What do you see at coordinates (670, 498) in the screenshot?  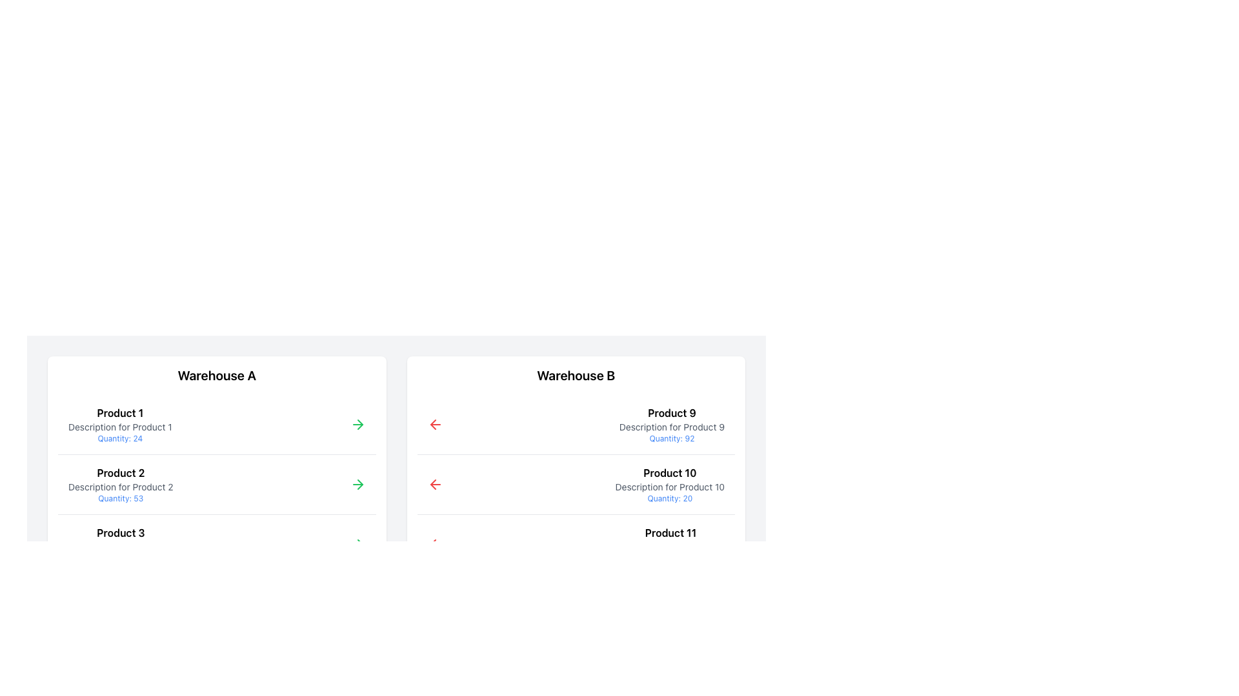 I see `the Static Text Label displaying the quantity of 20 units, located beneath 'Description for Product 10' in the Warehouse B section` at bounding box center [670, 498].